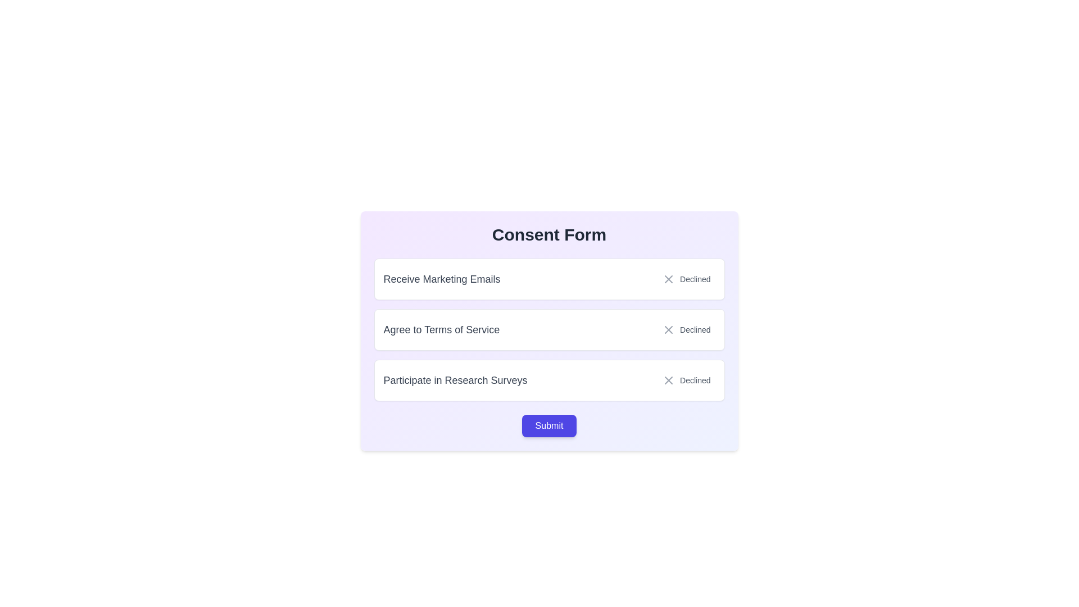  What do you see at coordinates (455, 380) in the screenshot?
I see `the descriptive text label located at the bottom of the three vertically stacked cards, which provides information about the associated option` at bounding box center [455, 380].